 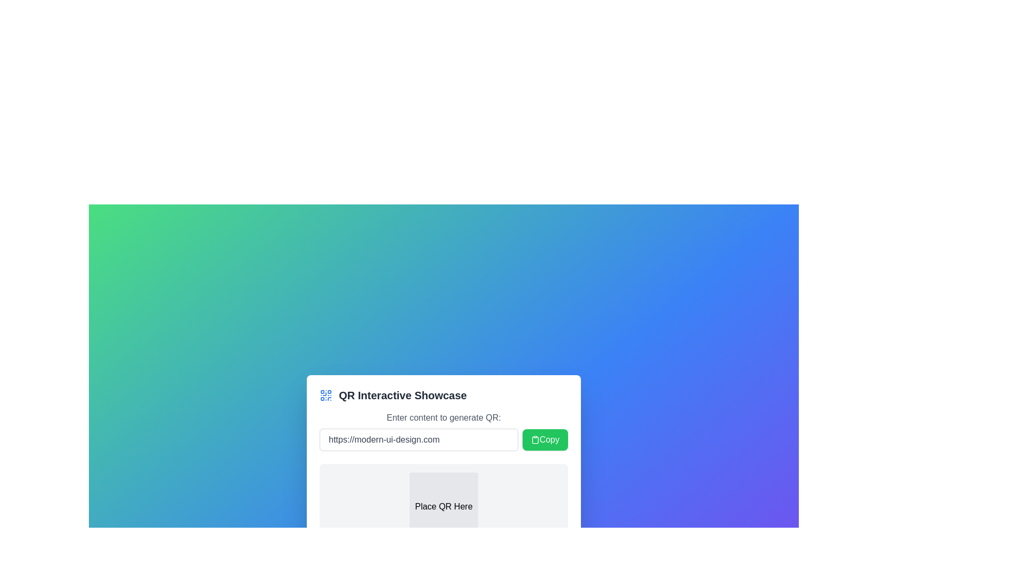 I want to click on the button located to the right of the text input field displaying 'https://modern-ui-design.com' to copy the text, so click(x=545, y=439).